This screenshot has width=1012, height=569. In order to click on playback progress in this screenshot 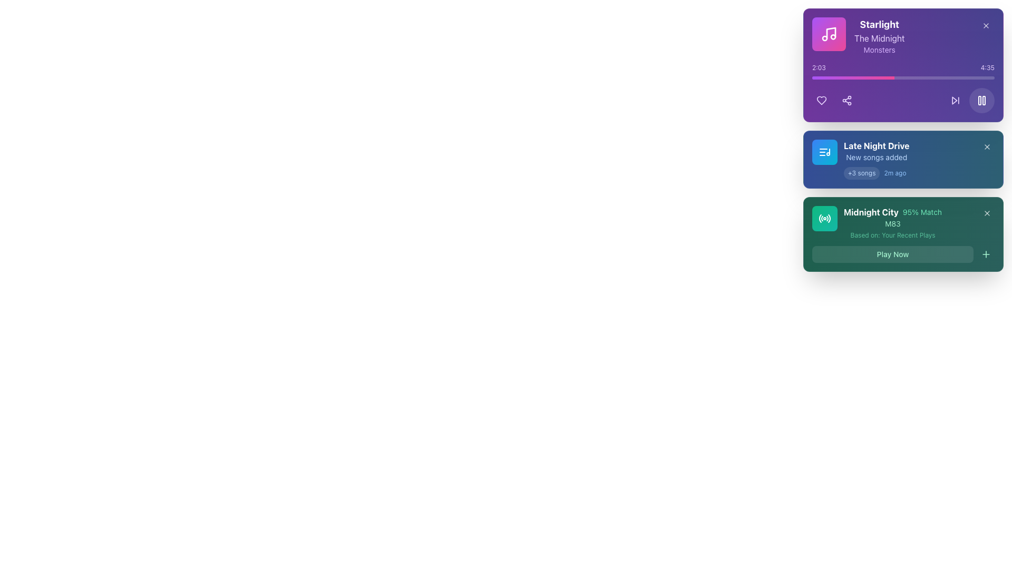, I will do `click(833, 77)`.